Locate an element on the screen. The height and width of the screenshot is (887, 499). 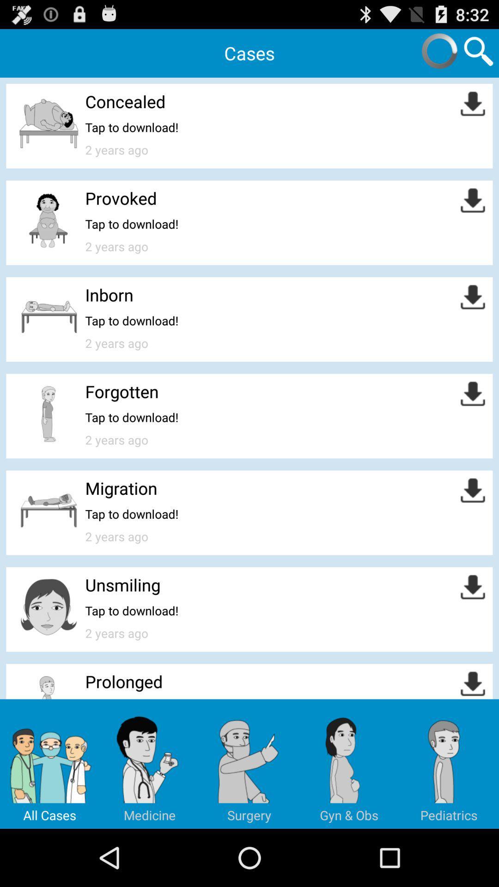
the item above the tap to download! item is located at coordinates (121, 391).